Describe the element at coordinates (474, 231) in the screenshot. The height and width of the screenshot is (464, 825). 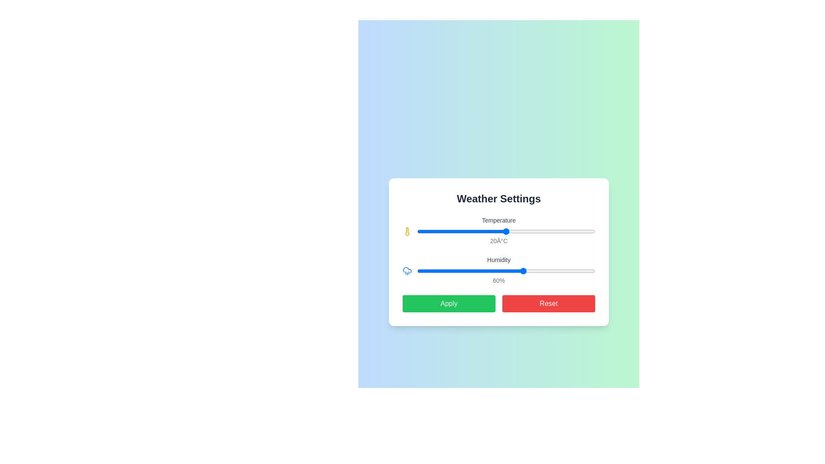
I see `the temperature slider` at that location.